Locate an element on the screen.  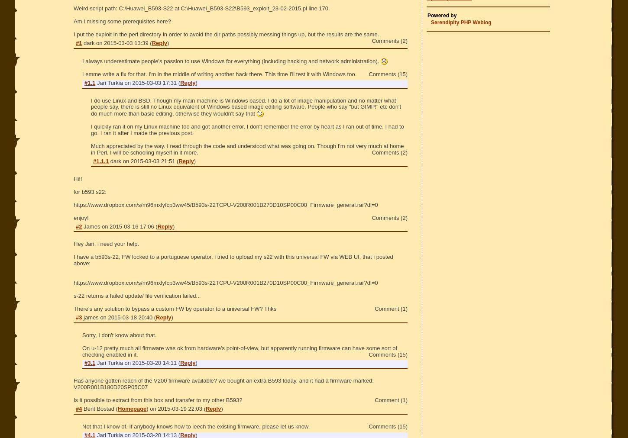
'Hey Jari, i need your help.' is located at coordinates (106, 243).